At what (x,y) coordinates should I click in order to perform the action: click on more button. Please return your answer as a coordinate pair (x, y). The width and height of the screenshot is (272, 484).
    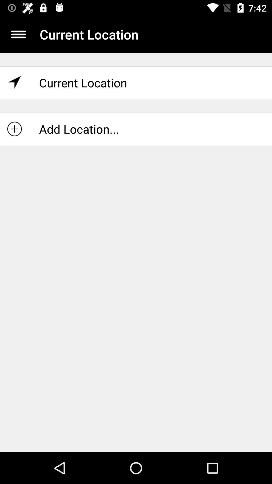
    Looking at the image, I should click on (18, 34).